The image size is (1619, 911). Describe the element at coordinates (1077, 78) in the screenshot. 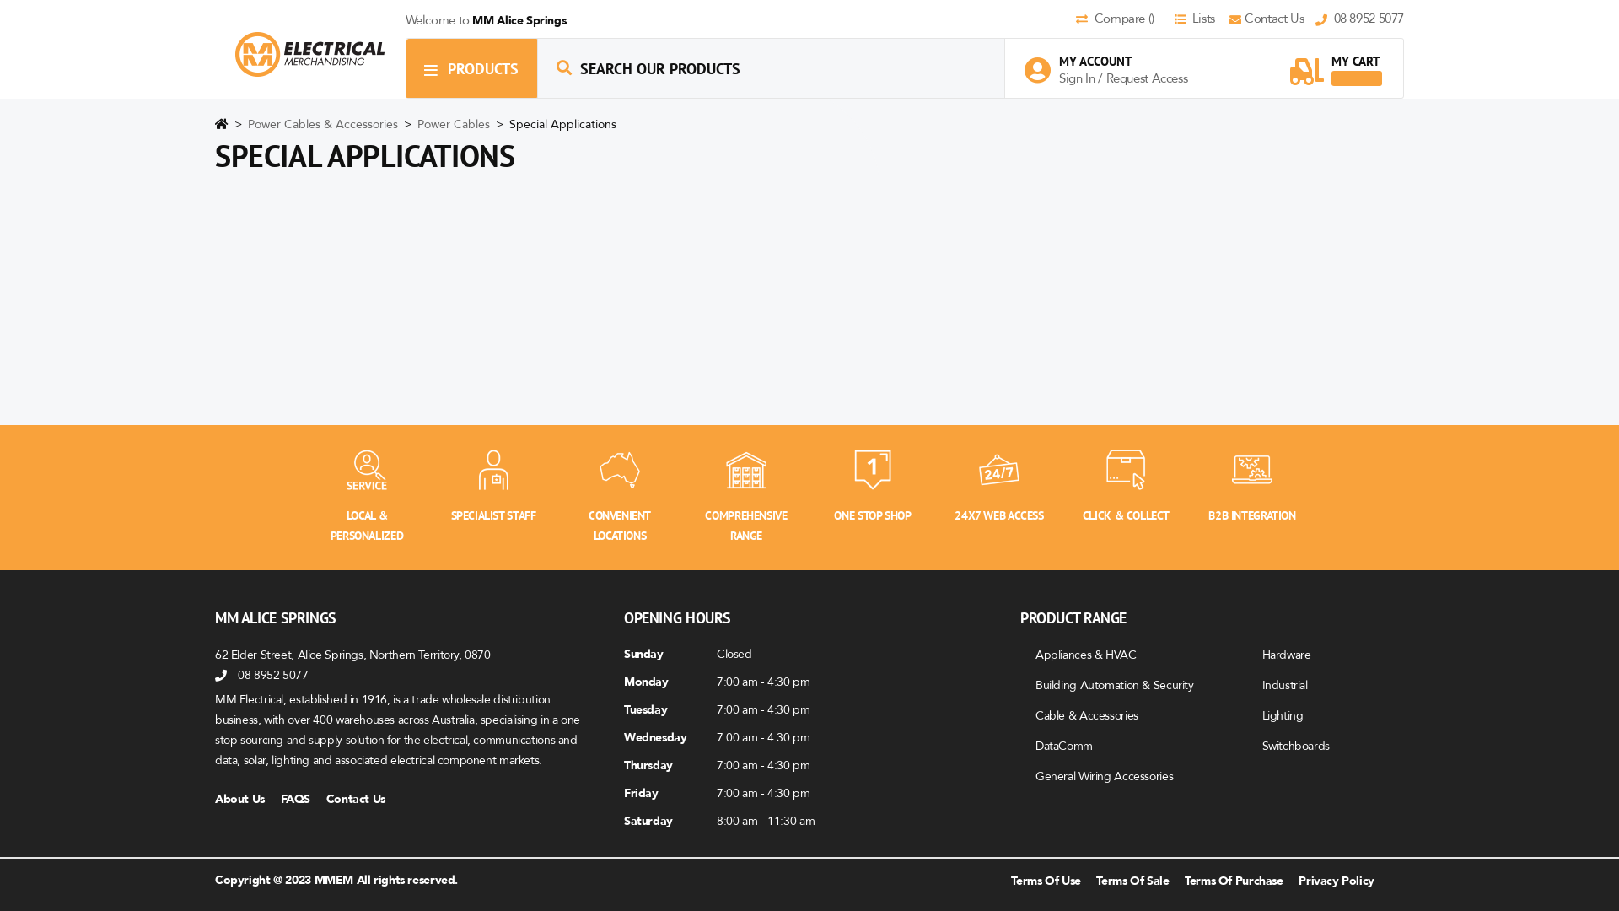

I see `'Sign In'` at that location.